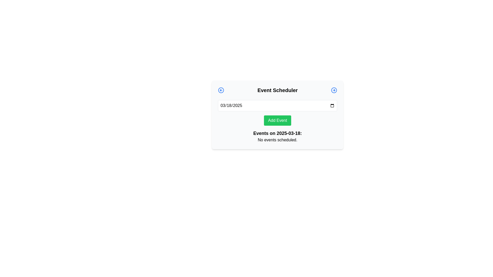  I want to click on the navigation button represented by an icon located at the top-right corner of the 'Event Scheduler' card, so click(334, 90).